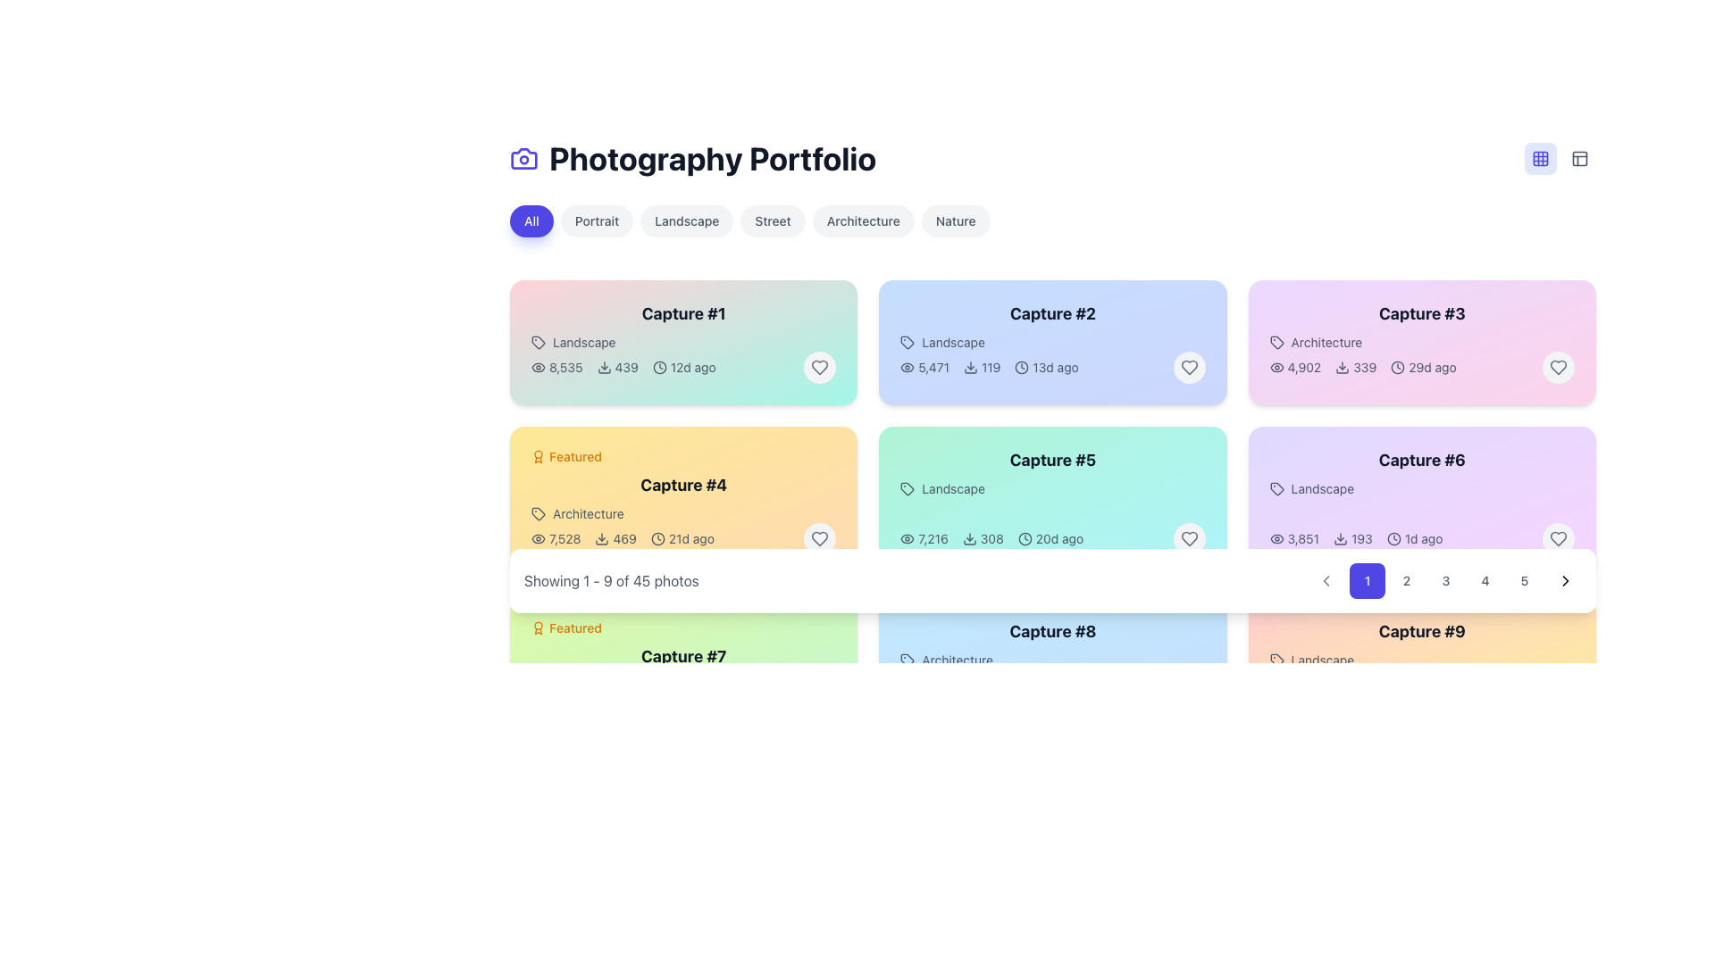 The image size is (1715, 964). What do you see at coordinates (1189, 538) in the screenshot?
I see `the 'like' button located at the bottom-right corner of the 'Capture #5' card` at bounding box center [1189, 538].